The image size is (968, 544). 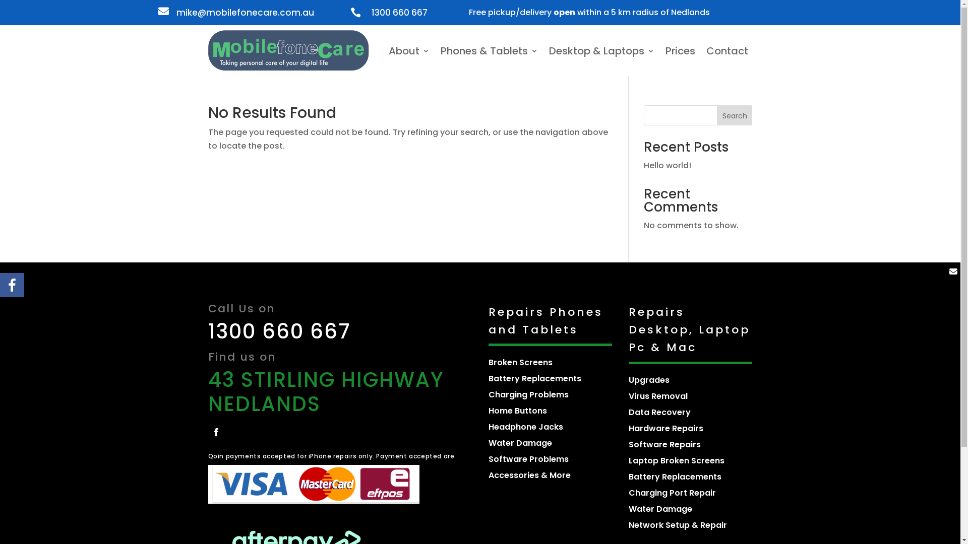 I want to click on 'Software Repairs', so click(x=628, y=444).